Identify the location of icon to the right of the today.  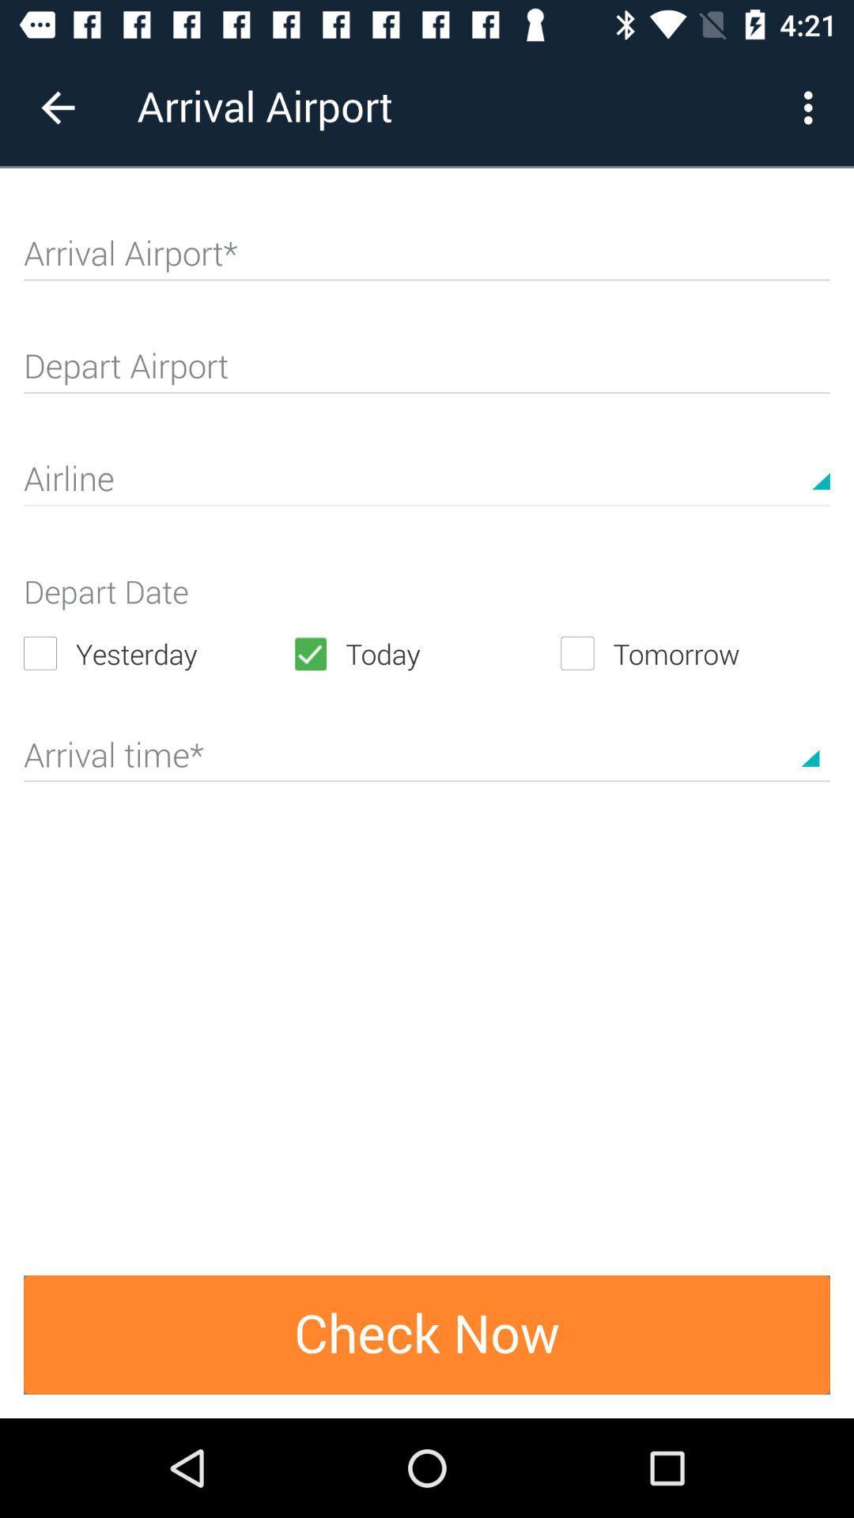
(694, 653).